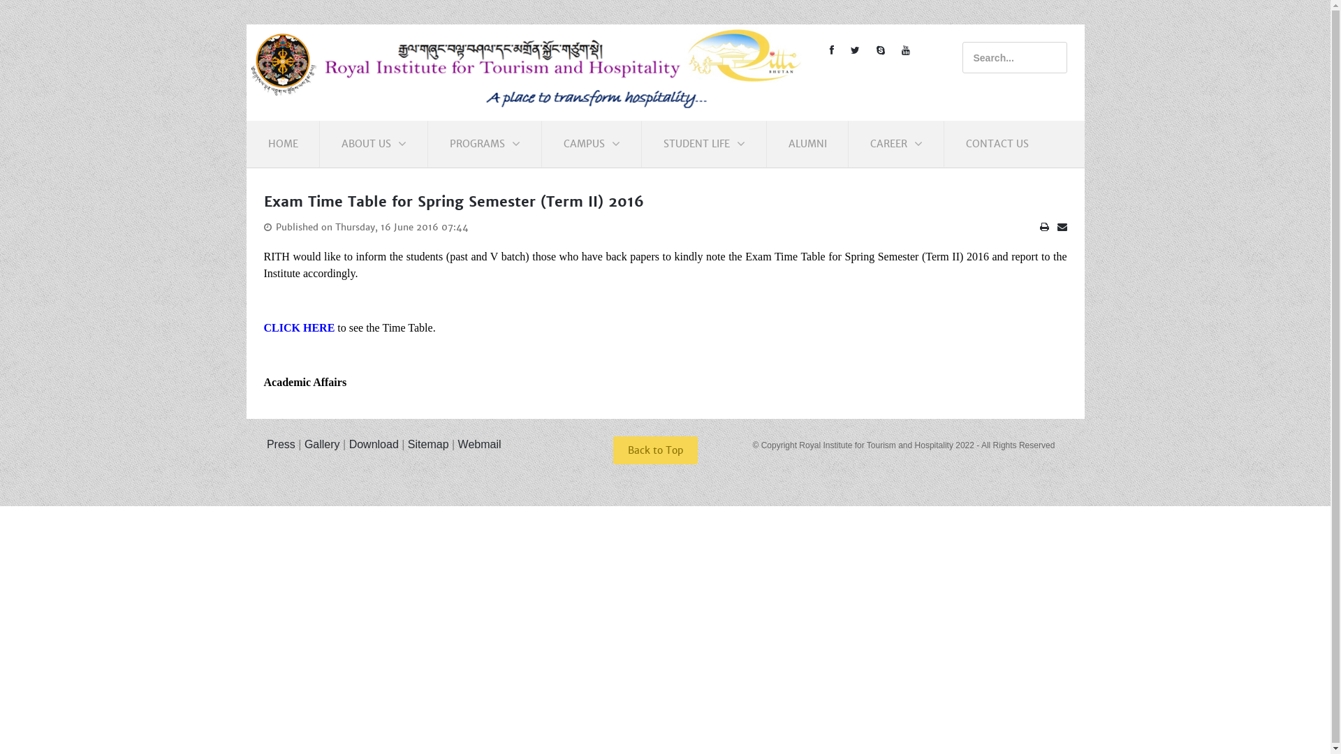  Describe the element at coordinates (427, 444) in the screenshot. I see `'Sitemap'` at that location.